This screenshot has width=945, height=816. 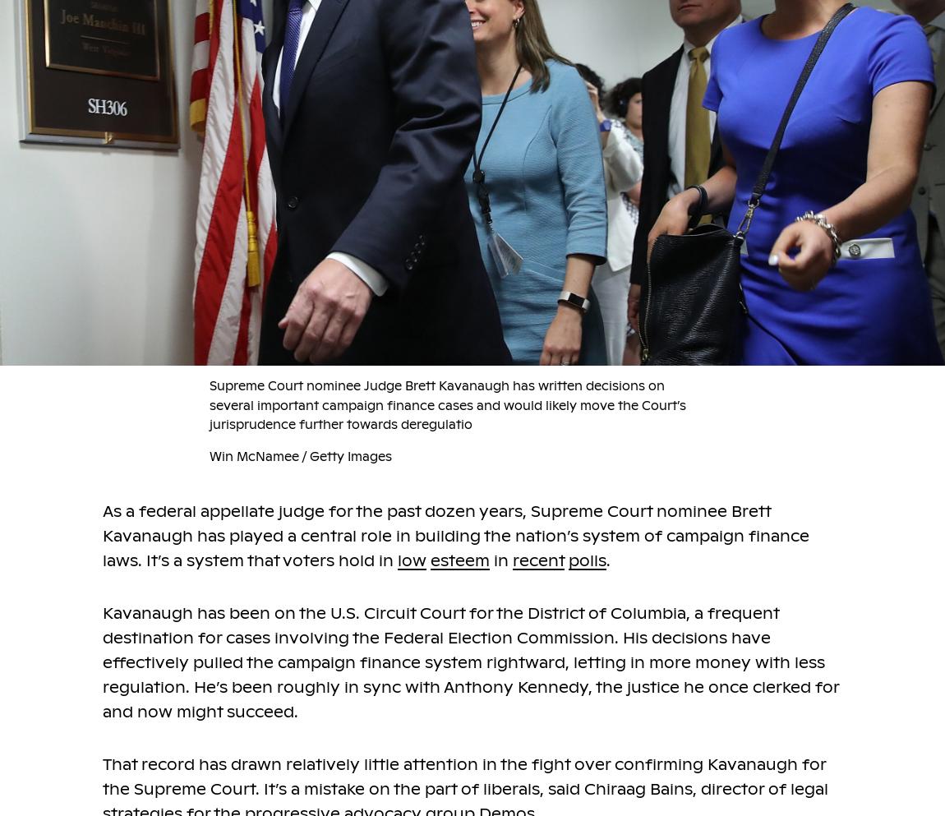 I want to click on 'recent', so click(x=537, y=560).